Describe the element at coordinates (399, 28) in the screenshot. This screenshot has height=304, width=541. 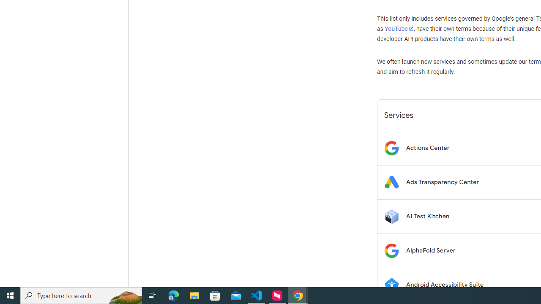
I see `'YouTube'` at that location.